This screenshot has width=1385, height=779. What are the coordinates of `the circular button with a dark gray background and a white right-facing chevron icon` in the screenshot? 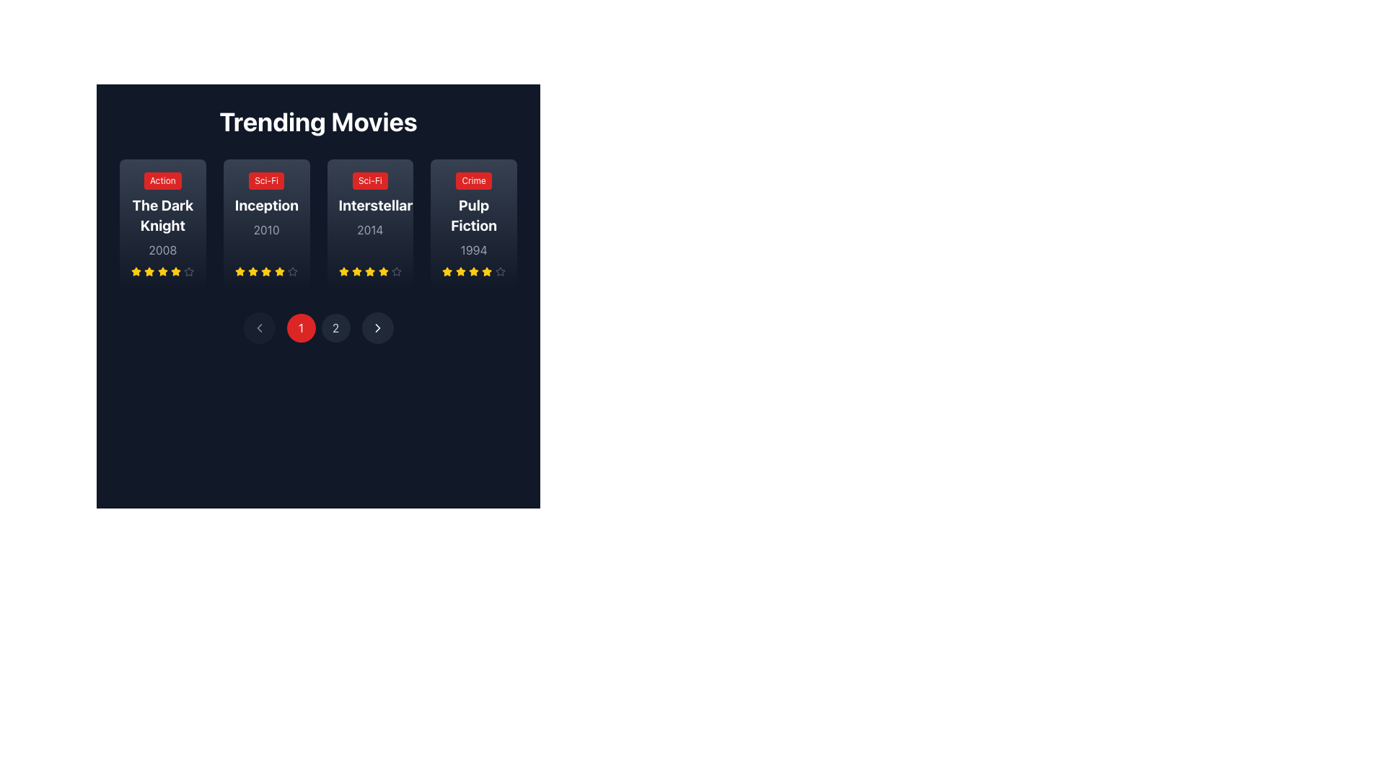 It's located at (377, 327).